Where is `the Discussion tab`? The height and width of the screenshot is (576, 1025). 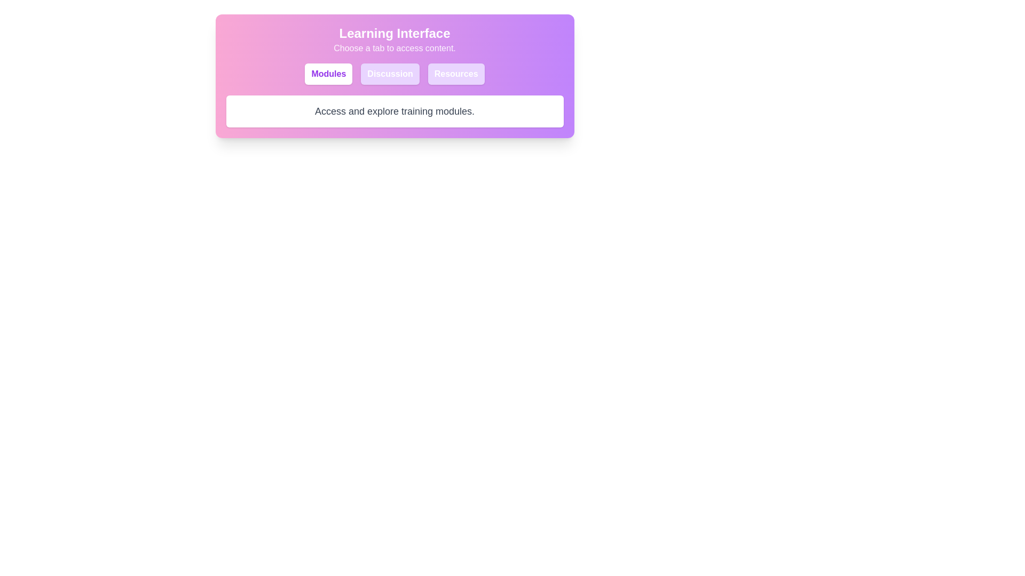 the Discussion tab is located at coordinates (389, 73).